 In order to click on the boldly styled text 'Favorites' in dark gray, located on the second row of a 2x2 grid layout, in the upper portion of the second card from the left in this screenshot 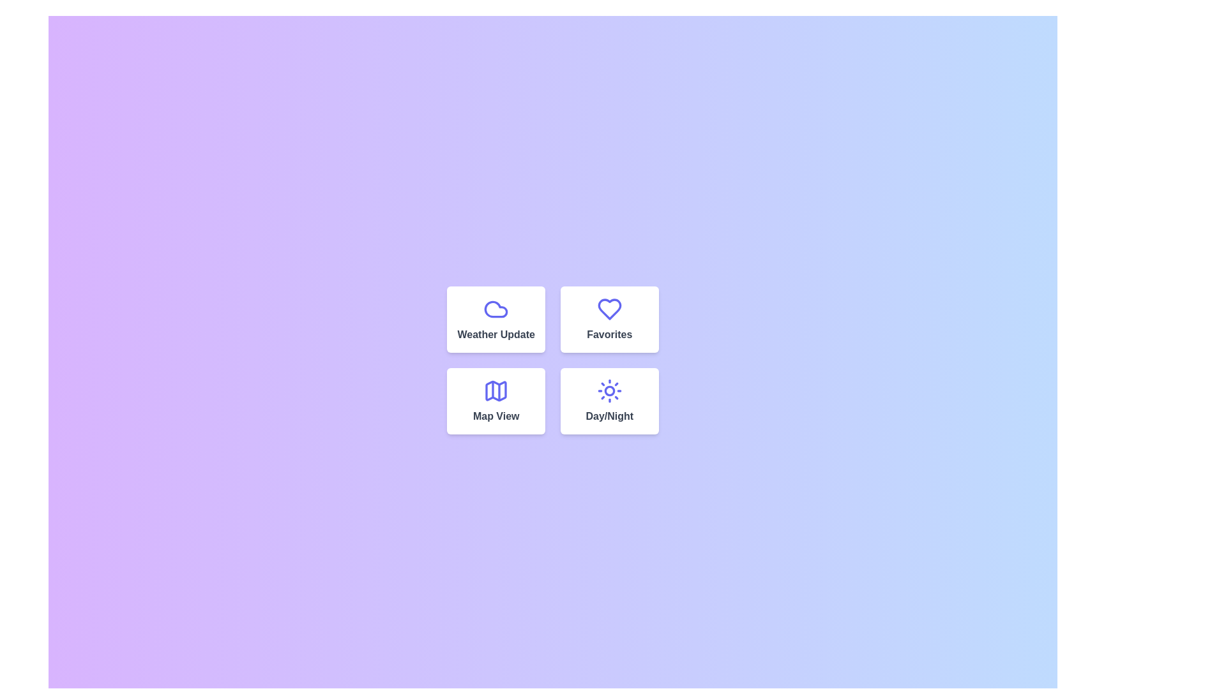, I will do `click(609, 334)`.